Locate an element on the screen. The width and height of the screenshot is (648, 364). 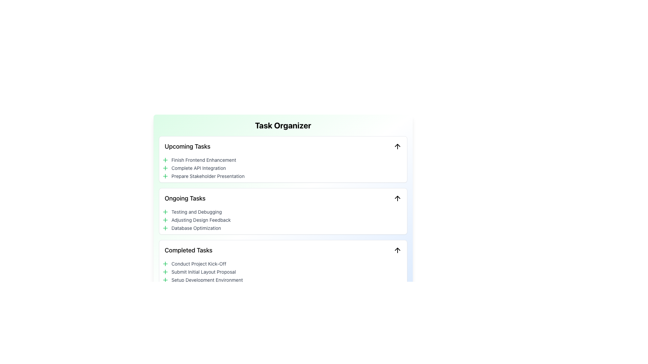
the text label identifying the task item 'Adjusting Design Feedback' in the 'Ongoing Tasks' section is located at coordinates (200, 220).